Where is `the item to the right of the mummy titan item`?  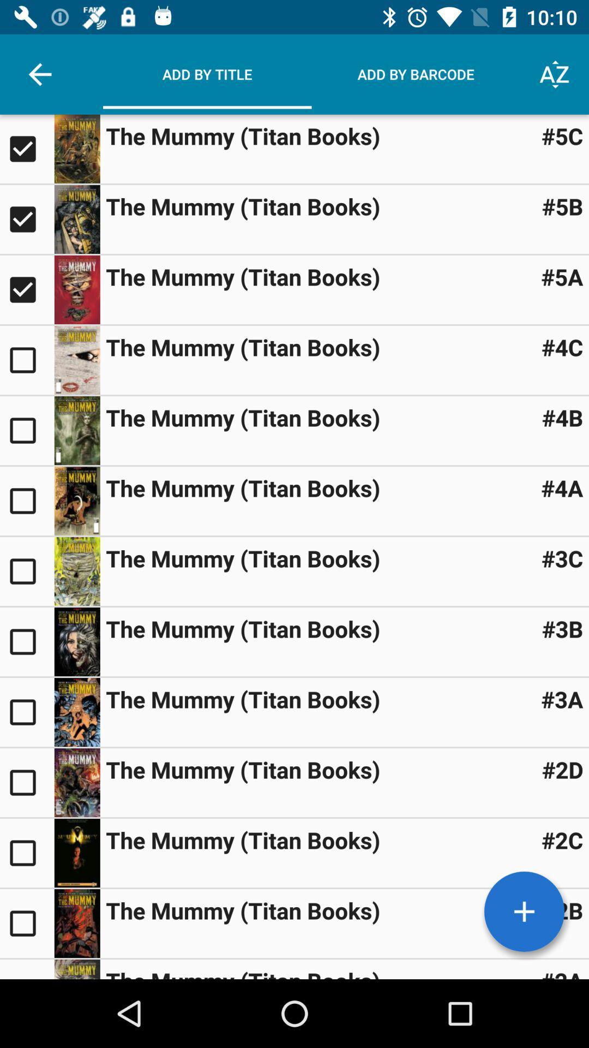
the item to the right of the mummy titan item is located at coordinates (562, 558).